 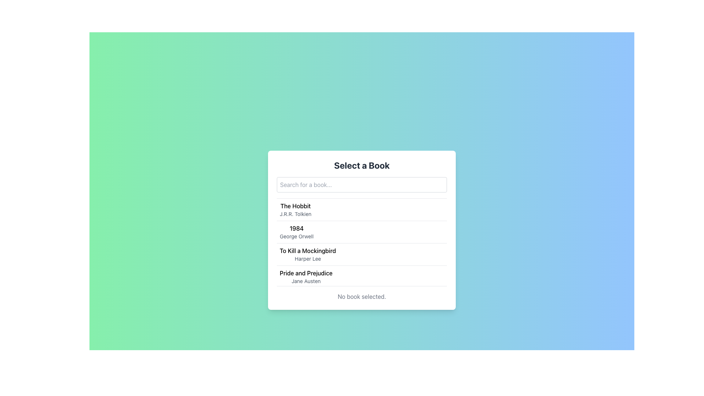 What do you see at coordinates (296, 214) in the screenshot?
I see `author's name label for the book 'The Hobbit', which is displayed below the title in the list of books` at bounding box center [296, 214].